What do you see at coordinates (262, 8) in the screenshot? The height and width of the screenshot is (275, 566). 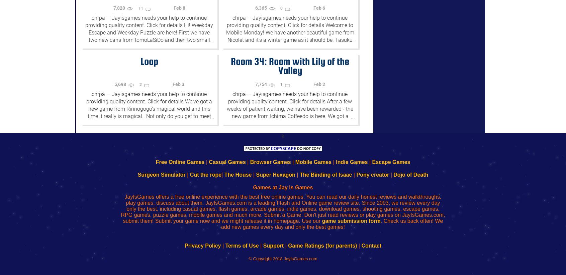 I see `'6,365'` at bounding box center [262, 8].